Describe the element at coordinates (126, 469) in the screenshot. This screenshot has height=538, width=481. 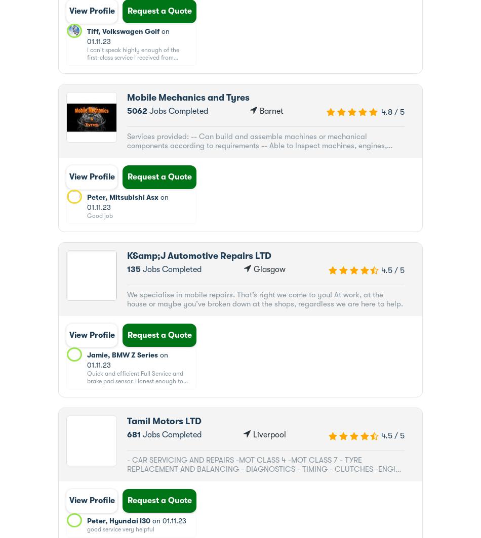
I see `'- CAR SERVICING AND REPAIRS
-MOT CLASS 4
-MOT CLASS 7
- TYRE REPLACEMENT AND BALANCING
- DIAGNOSTICS
- TIMING
- CLUTCHES
-ENGINE REPAIR AND REPLACING'` at that location.